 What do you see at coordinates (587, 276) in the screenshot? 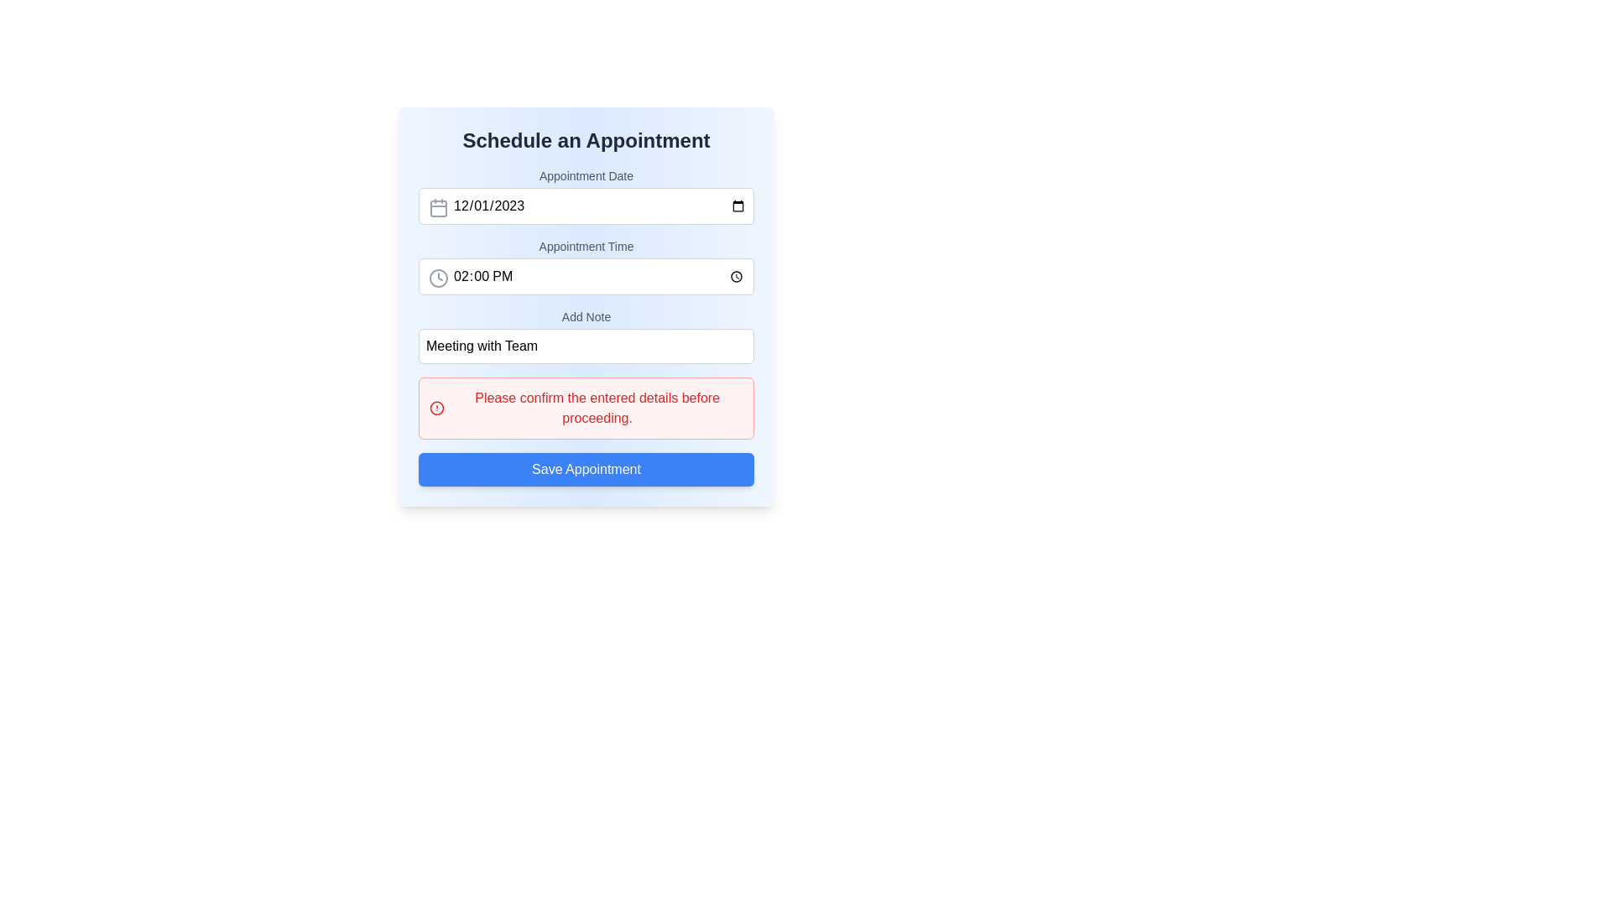
I see `a time from the dropdown or modal in the time input field located centrally in the 'Appointment Time' section, which is styled as a rectangular box with rounded corners and displays a time value ('02:00 PM')` at bounding box center [587, 276].